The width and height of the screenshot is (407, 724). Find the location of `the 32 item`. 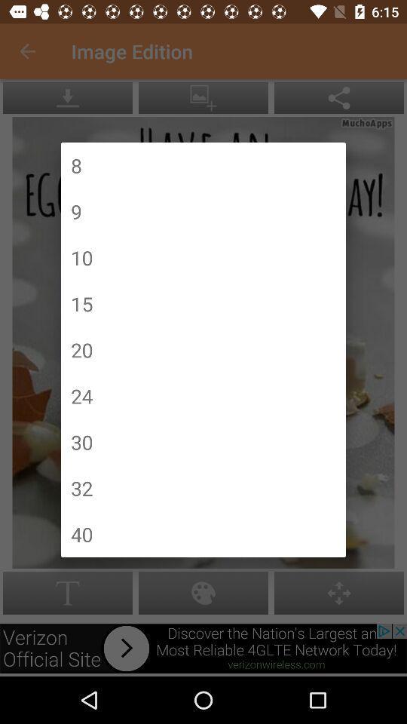

the 32 item is located at coordinates (81, 487).